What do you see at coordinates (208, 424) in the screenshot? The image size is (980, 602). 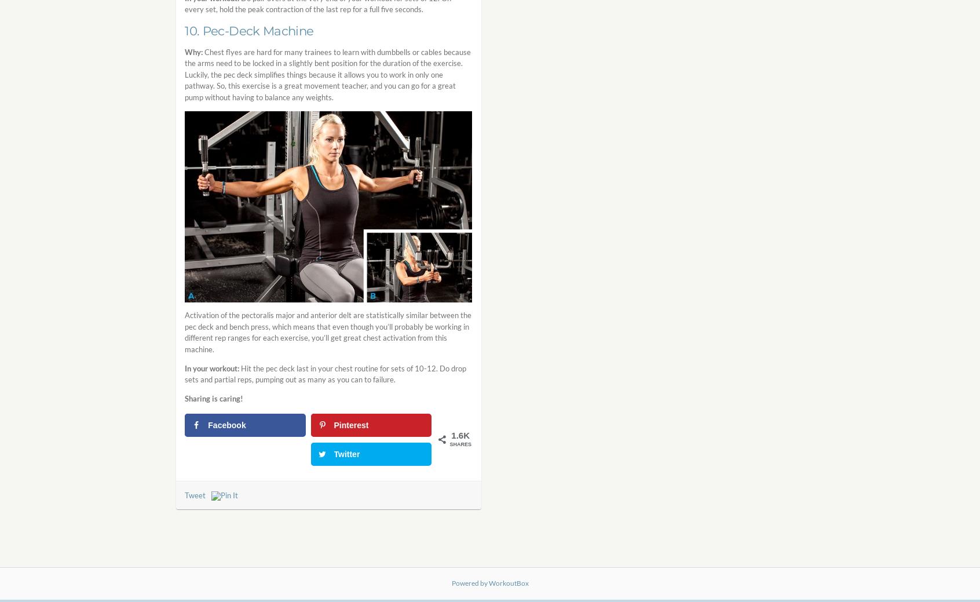 I see `'Facebook'` at bounding box center [208, 424].